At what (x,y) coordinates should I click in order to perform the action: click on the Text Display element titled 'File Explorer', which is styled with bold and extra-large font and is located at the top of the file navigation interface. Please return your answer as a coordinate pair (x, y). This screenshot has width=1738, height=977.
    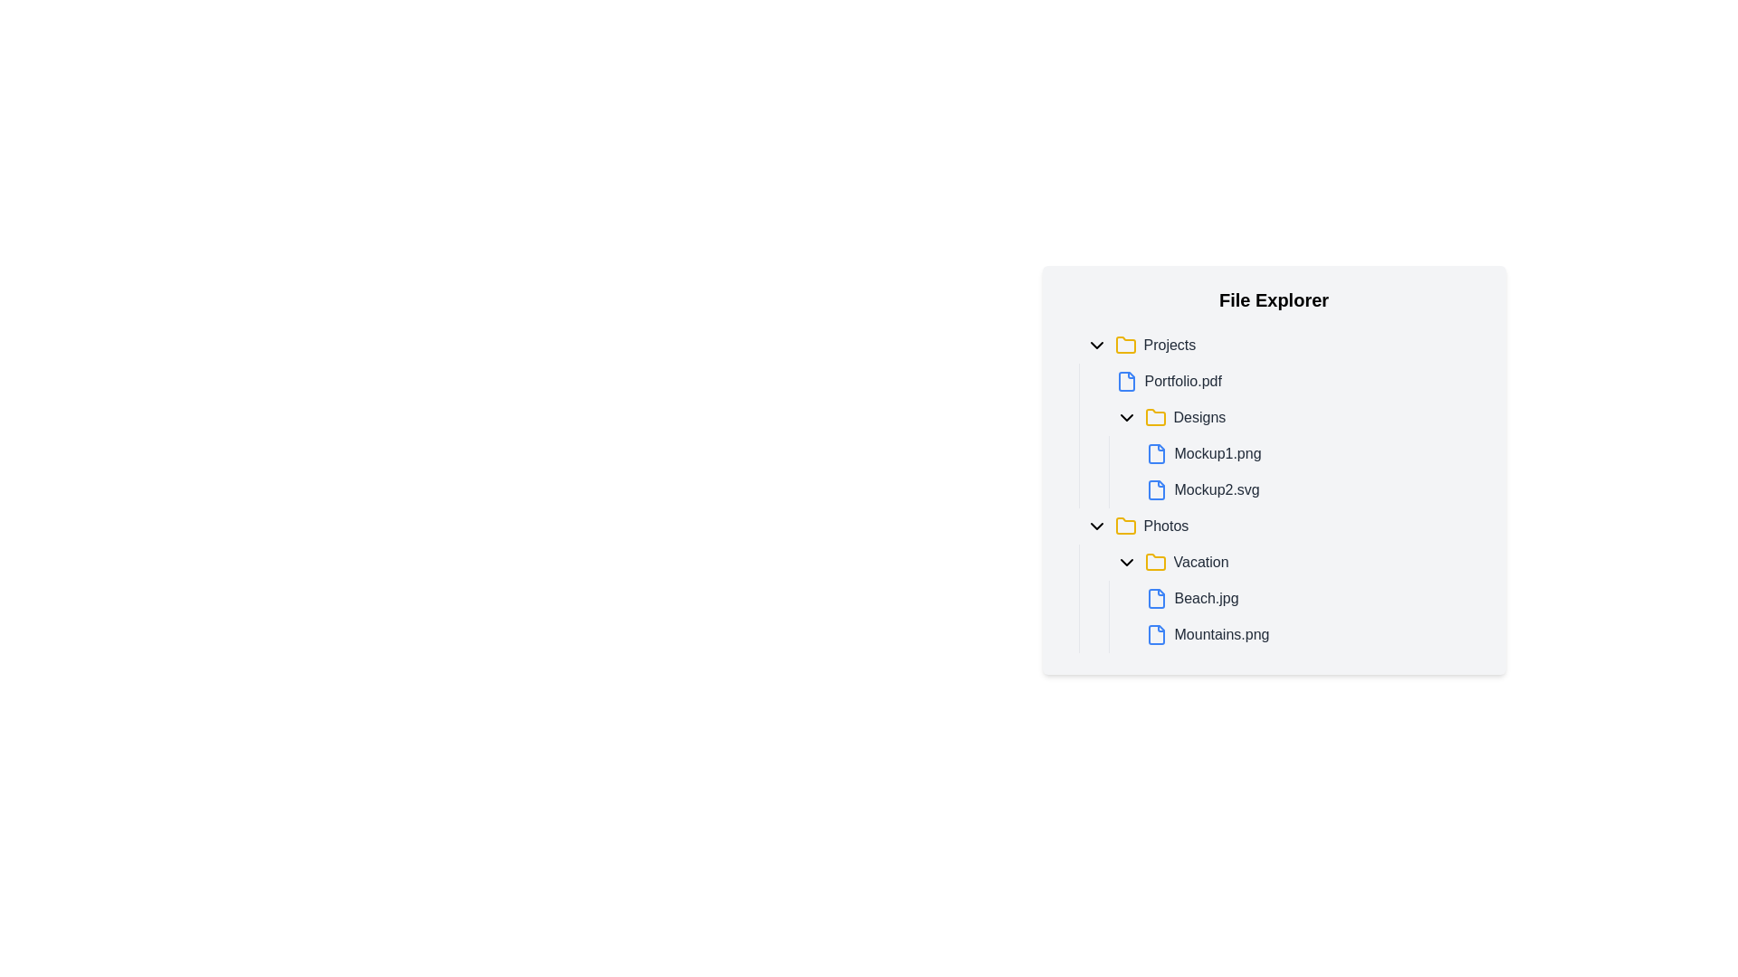
    Looking at the image, I should click on (1273, 299).